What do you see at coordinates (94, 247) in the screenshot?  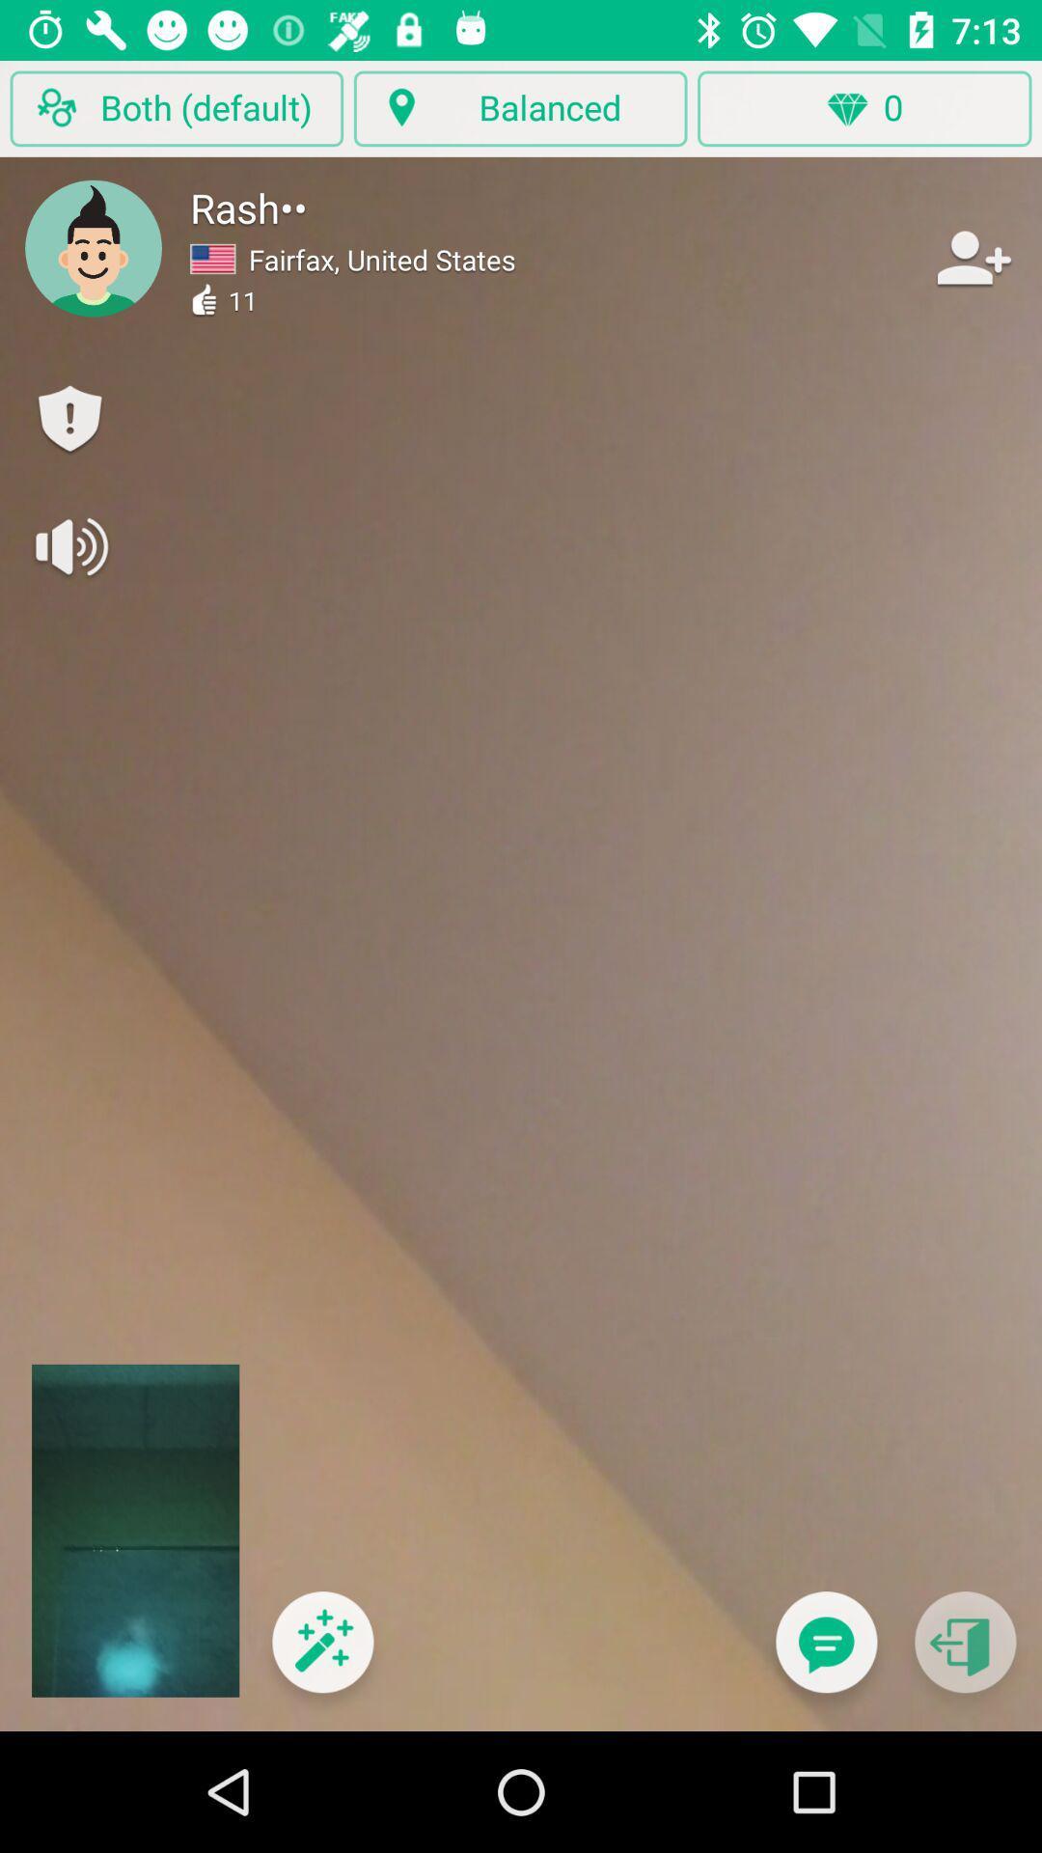 I see `the item below the both (default) item` at bounding box center [94, 247].